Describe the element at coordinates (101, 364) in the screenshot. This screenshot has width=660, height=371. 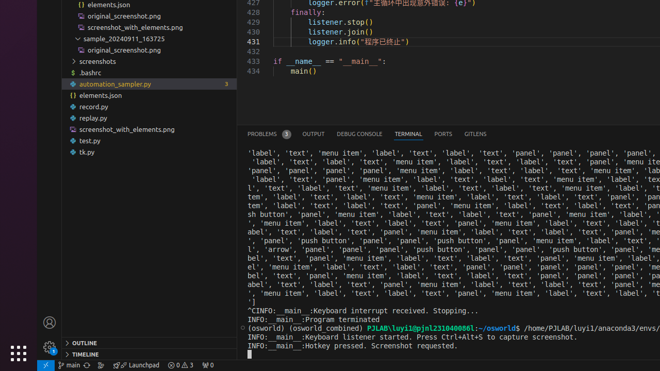
I see `'Show the GitLens Commit Graph'` at that location.